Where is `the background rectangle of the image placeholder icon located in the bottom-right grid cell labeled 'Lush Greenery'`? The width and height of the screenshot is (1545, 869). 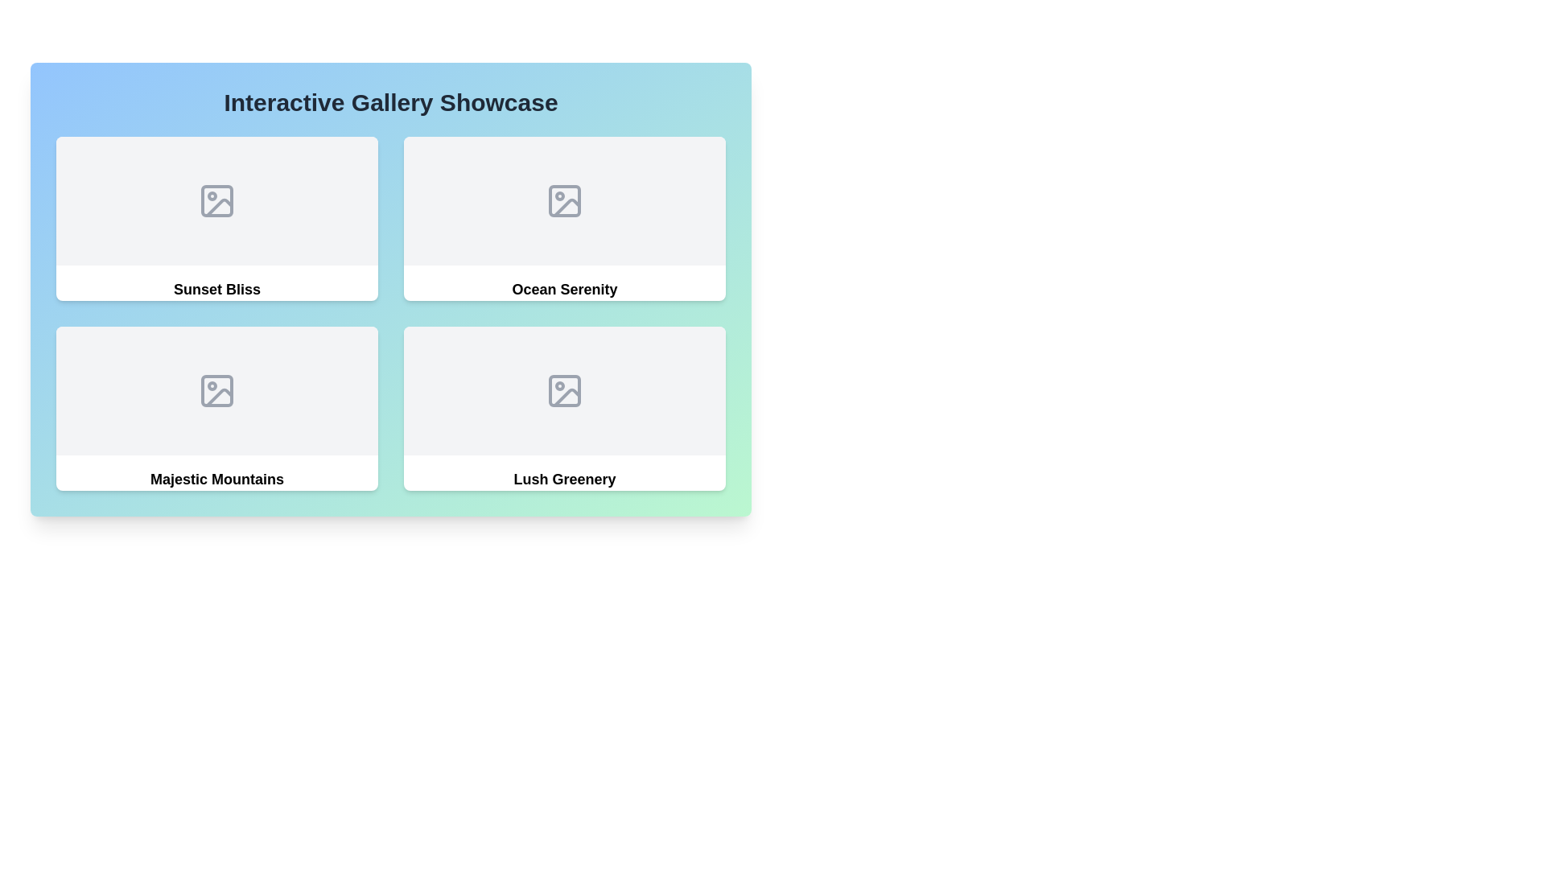 the background rectangle of the image placeholder icon located in the bottom-right grid cell labeled 'Lush Greenery' is located at coordinates (564, 391).